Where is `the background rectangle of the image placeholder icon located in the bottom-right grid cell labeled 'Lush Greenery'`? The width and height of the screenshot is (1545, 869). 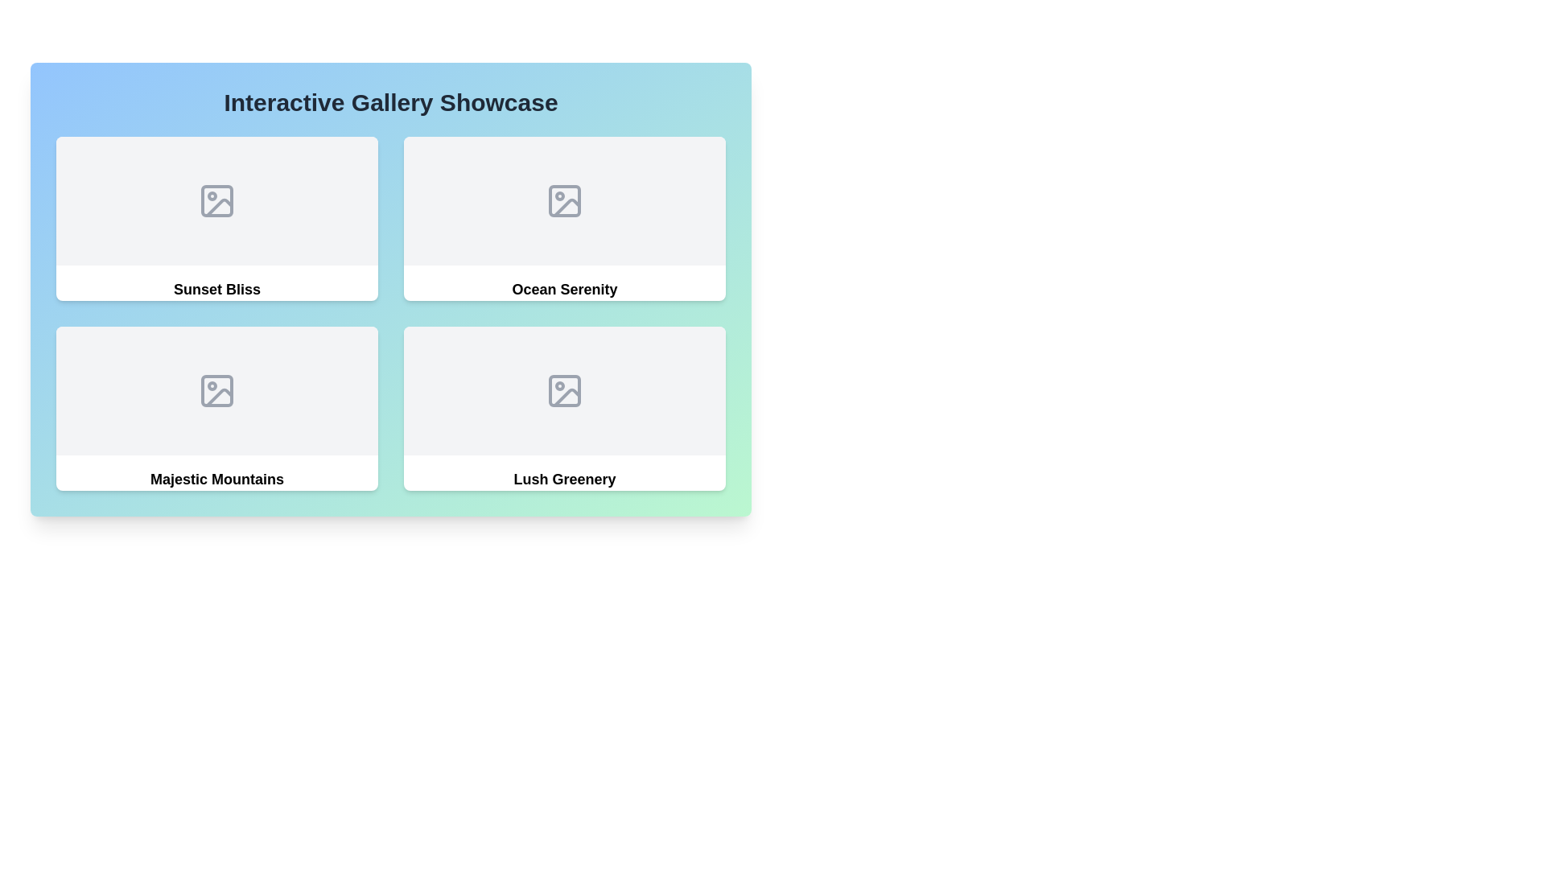 the background rectangle of the image placeholder icon located in the bottom-right grid cell labeled 'Lush Greenery' is located at coordinates (564, 391).